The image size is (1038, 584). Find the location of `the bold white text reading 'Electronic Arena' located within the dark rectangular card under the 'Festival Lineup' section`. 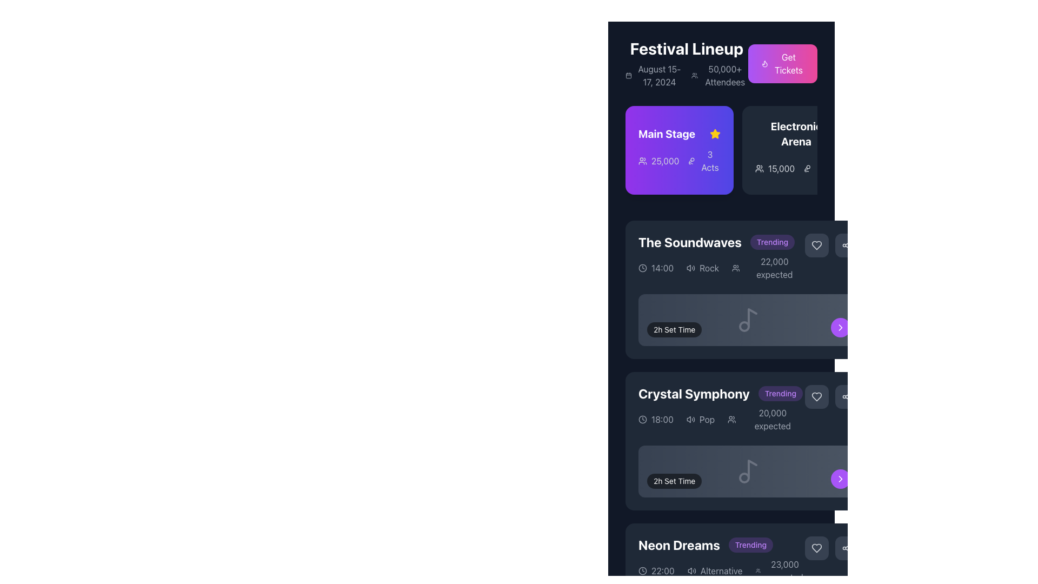

the bold white text reading 'Electronic Arena' located within the dark rectangular card under the 'Festival Lineup' section is located at coordinates (796, 133).